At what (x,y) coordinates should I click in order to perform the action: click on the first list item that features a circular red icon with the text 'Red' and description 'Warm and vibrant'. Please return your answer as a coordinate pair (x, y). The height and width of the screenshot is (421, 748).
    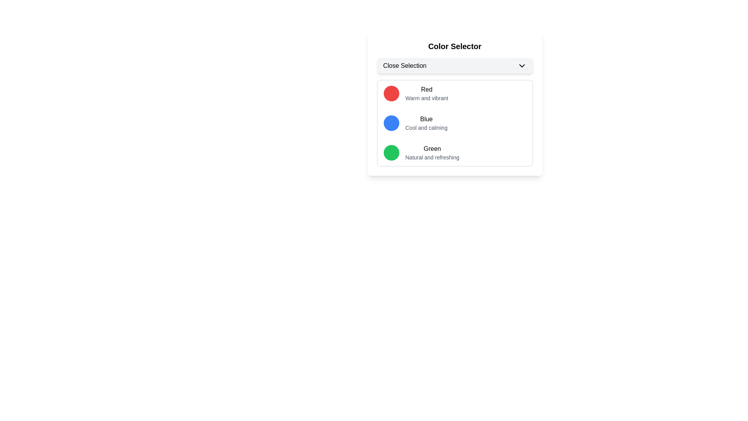
    Looking at the image, I should click on (455, 93).